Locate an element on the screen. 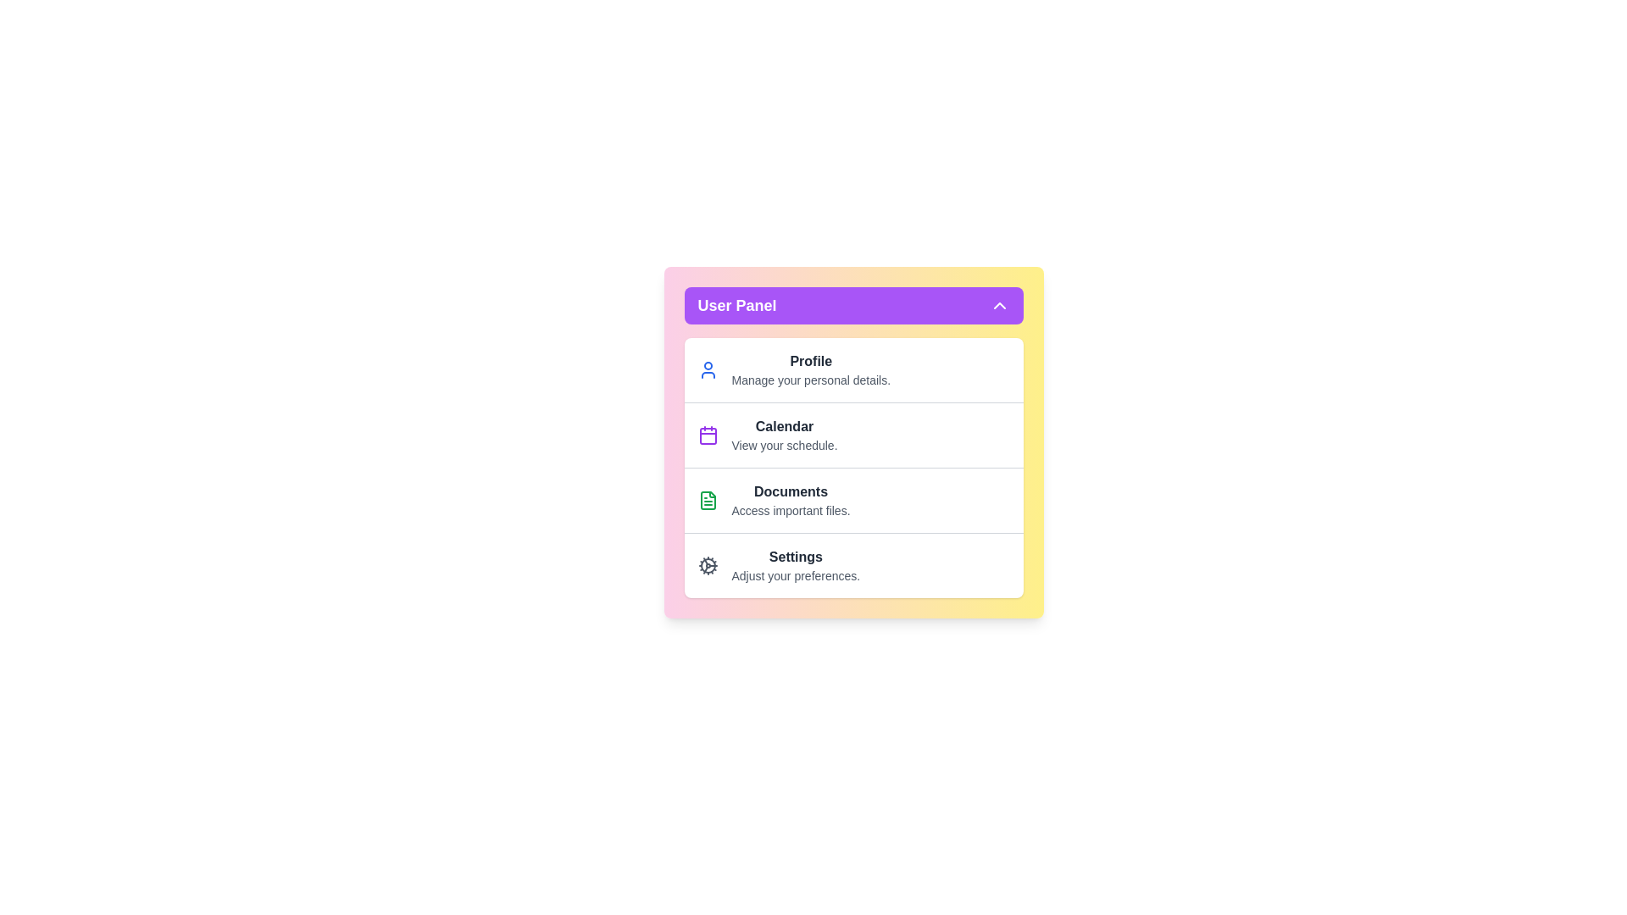 The image size is (1627, 915). the inner rounded rectangle of the purple calendar icon located in the second item of the 'User Panel' menu is located at coordinates (708, 435).